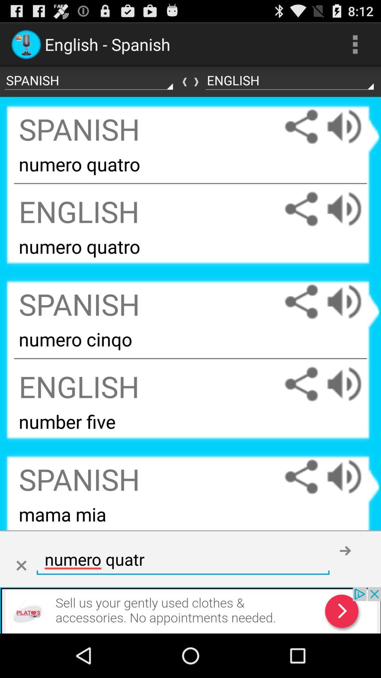 The image size is (381, 678). I want to click on revert languages, so click(190, 82).